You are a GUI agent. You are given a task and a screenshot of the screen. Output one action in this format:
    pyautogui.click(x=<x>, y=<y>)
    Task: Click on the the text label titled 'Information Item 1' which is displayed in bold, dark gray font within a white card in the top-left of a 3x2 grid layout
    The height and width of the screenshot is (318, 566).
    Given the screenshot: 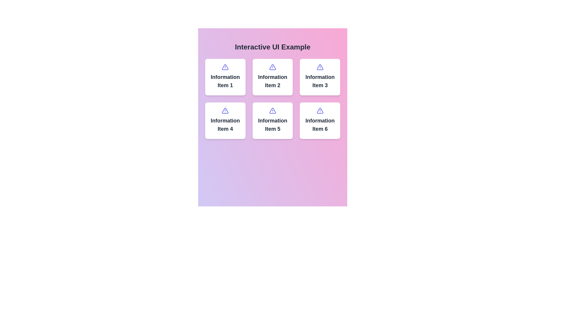 What is the action you would take?
    pyautogui.click(x=225, y=81)
    